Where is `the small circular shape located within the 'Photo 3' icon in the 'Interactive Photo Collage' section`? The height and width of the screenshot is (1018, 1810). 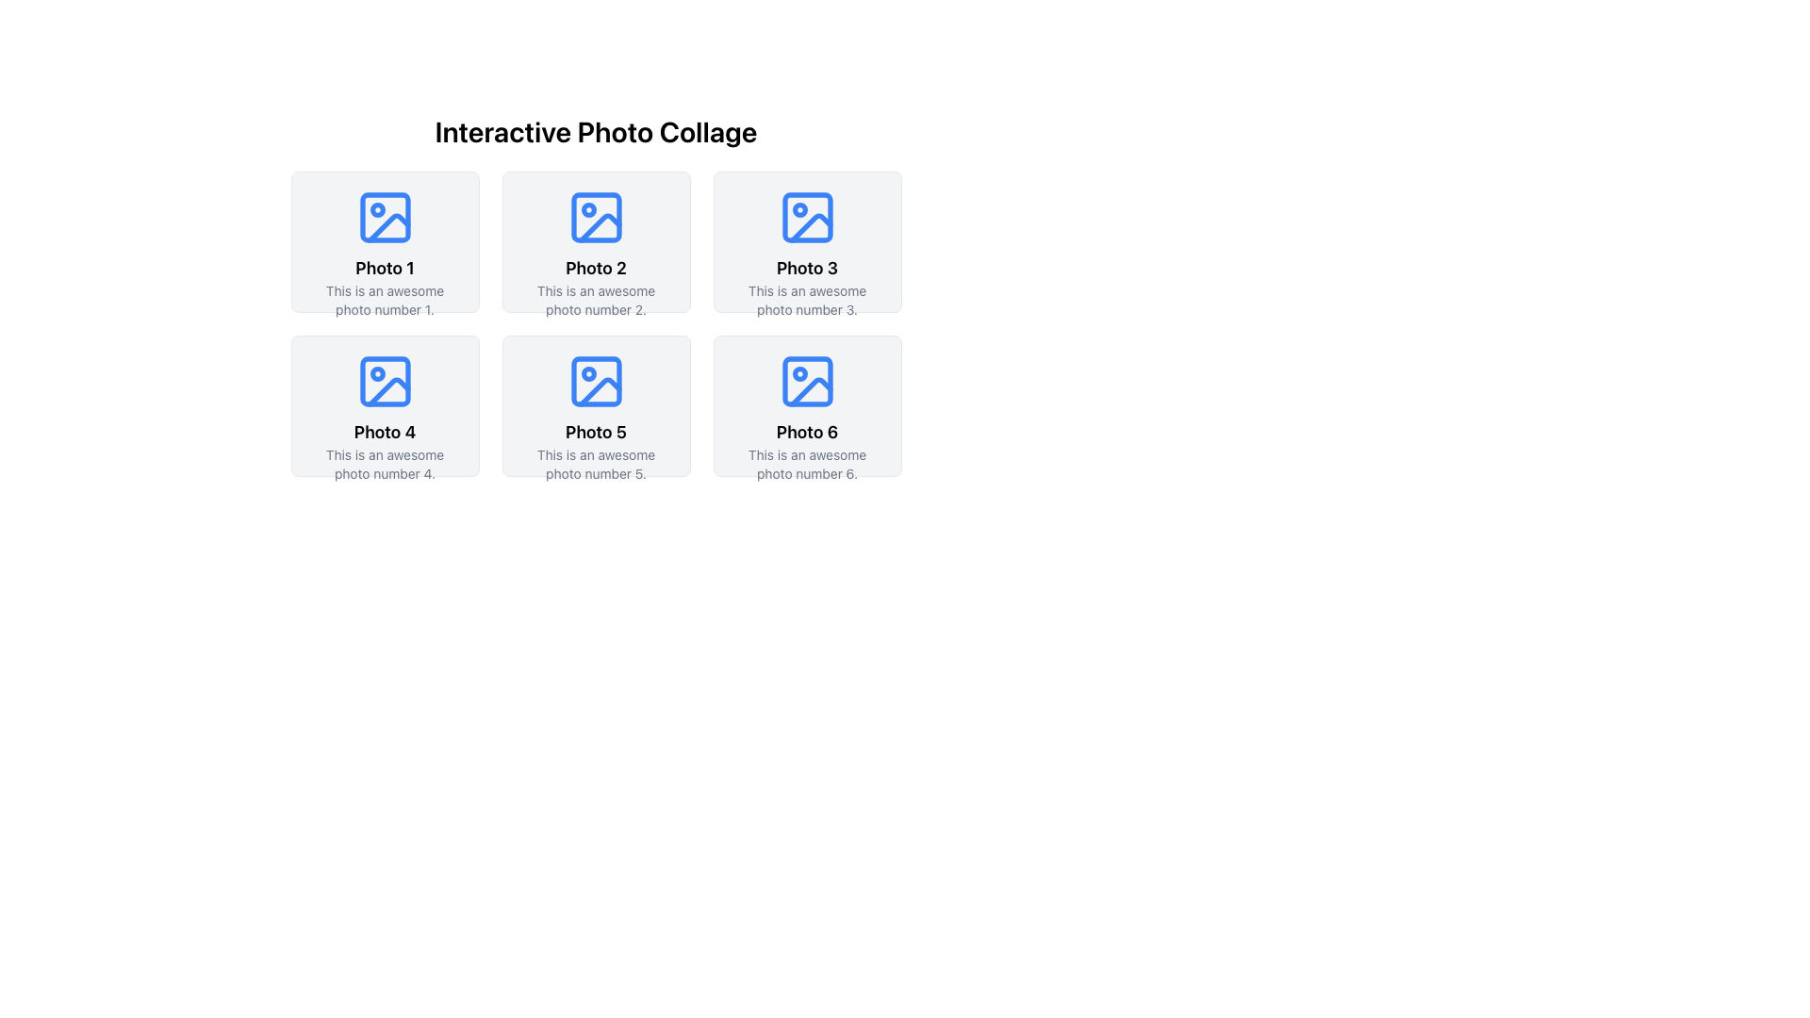 the small circular shape located within the 'Photo 3' icon in the 'Interactive Photo Collage' section is located at coordinates (799, 210).